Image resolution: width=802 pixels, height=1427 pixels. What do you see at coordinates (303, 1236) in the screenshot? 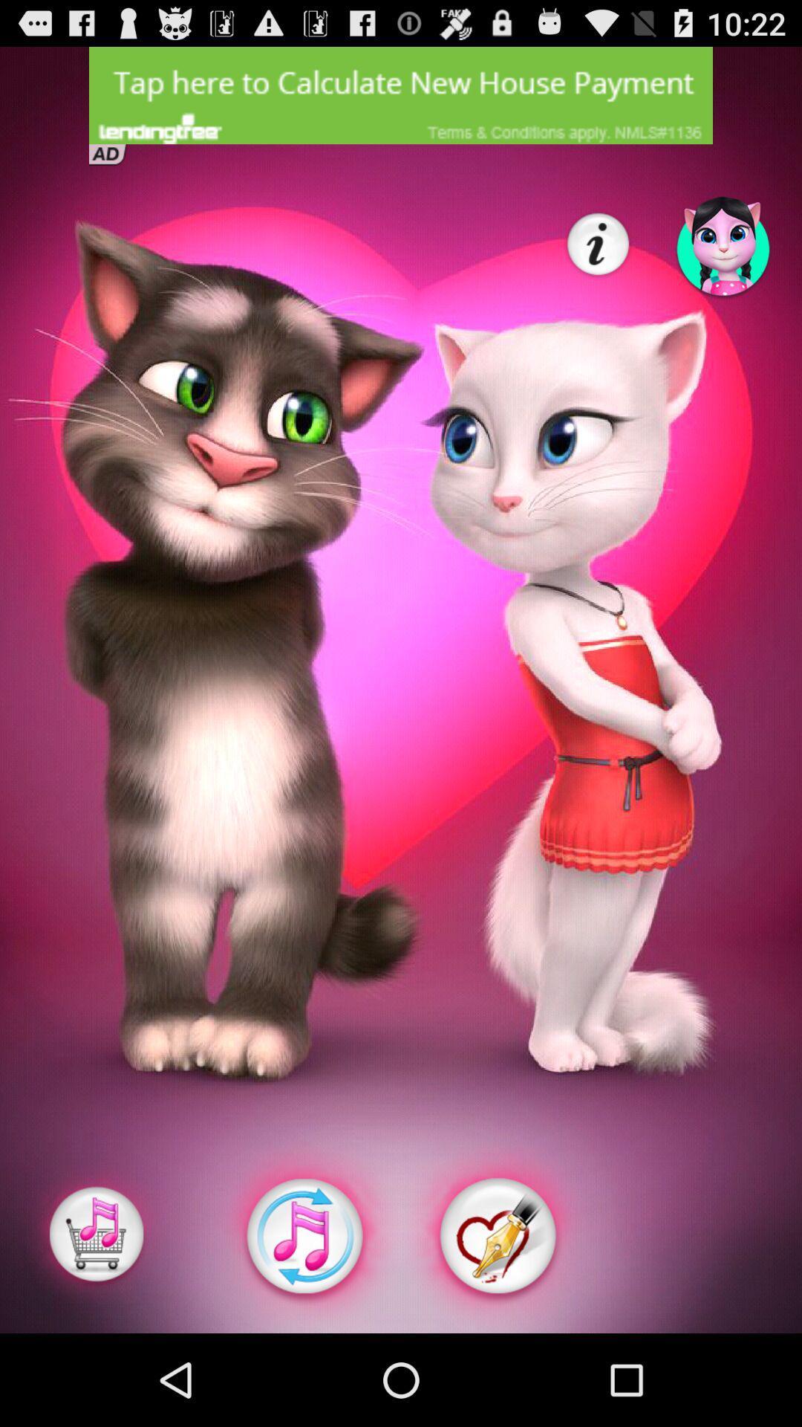
I see `sound` at bounding box center [303, 1236].